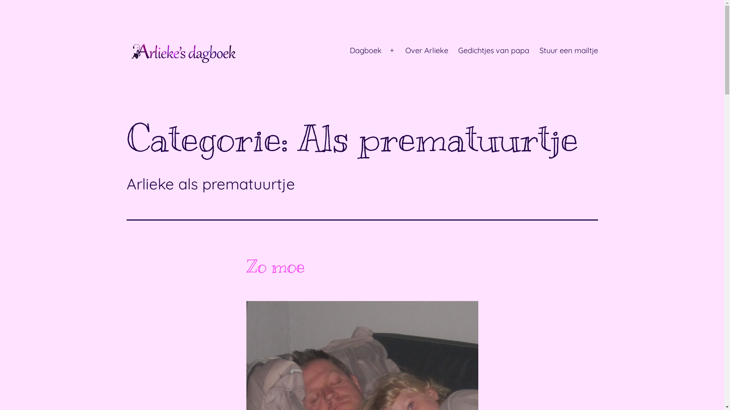 This screenshot has width=730, height=410. What do you see at coordinates (568, 50) in the screenshot?
I see `'Stuur een mailtje'` at bounding box center [568, 50].